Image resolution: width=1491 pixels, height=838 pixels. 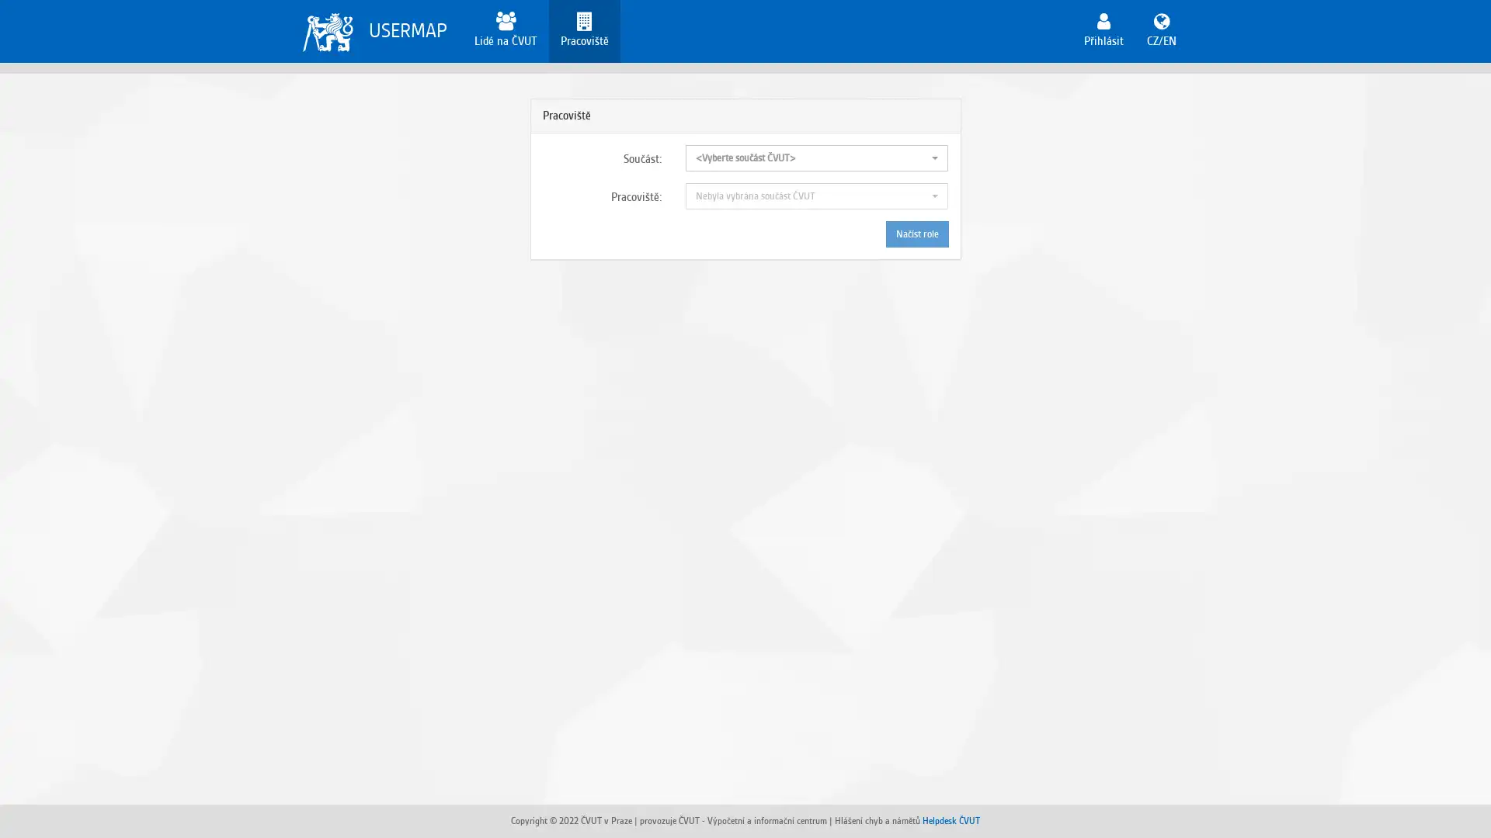 I want to click on <Vyberte soucast CVUT>, so click(x=815, y=158).